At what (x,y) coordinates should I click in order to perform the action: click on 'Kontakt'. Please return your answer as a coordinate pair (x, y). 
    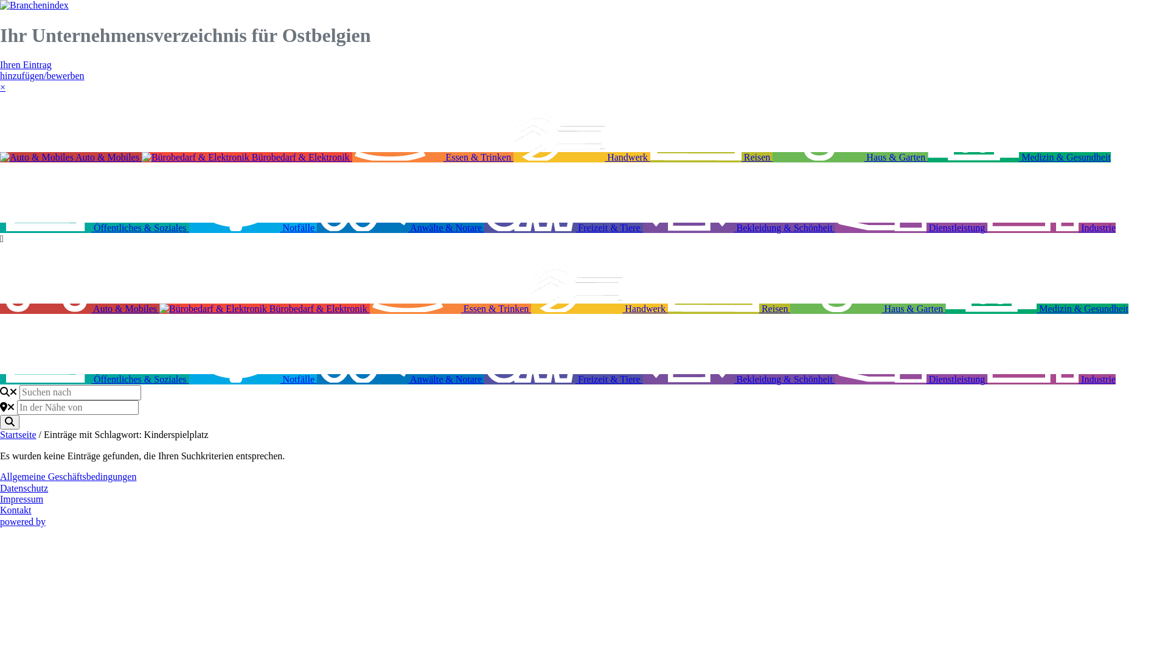
    Looking at the image, I should click on (15, 510).